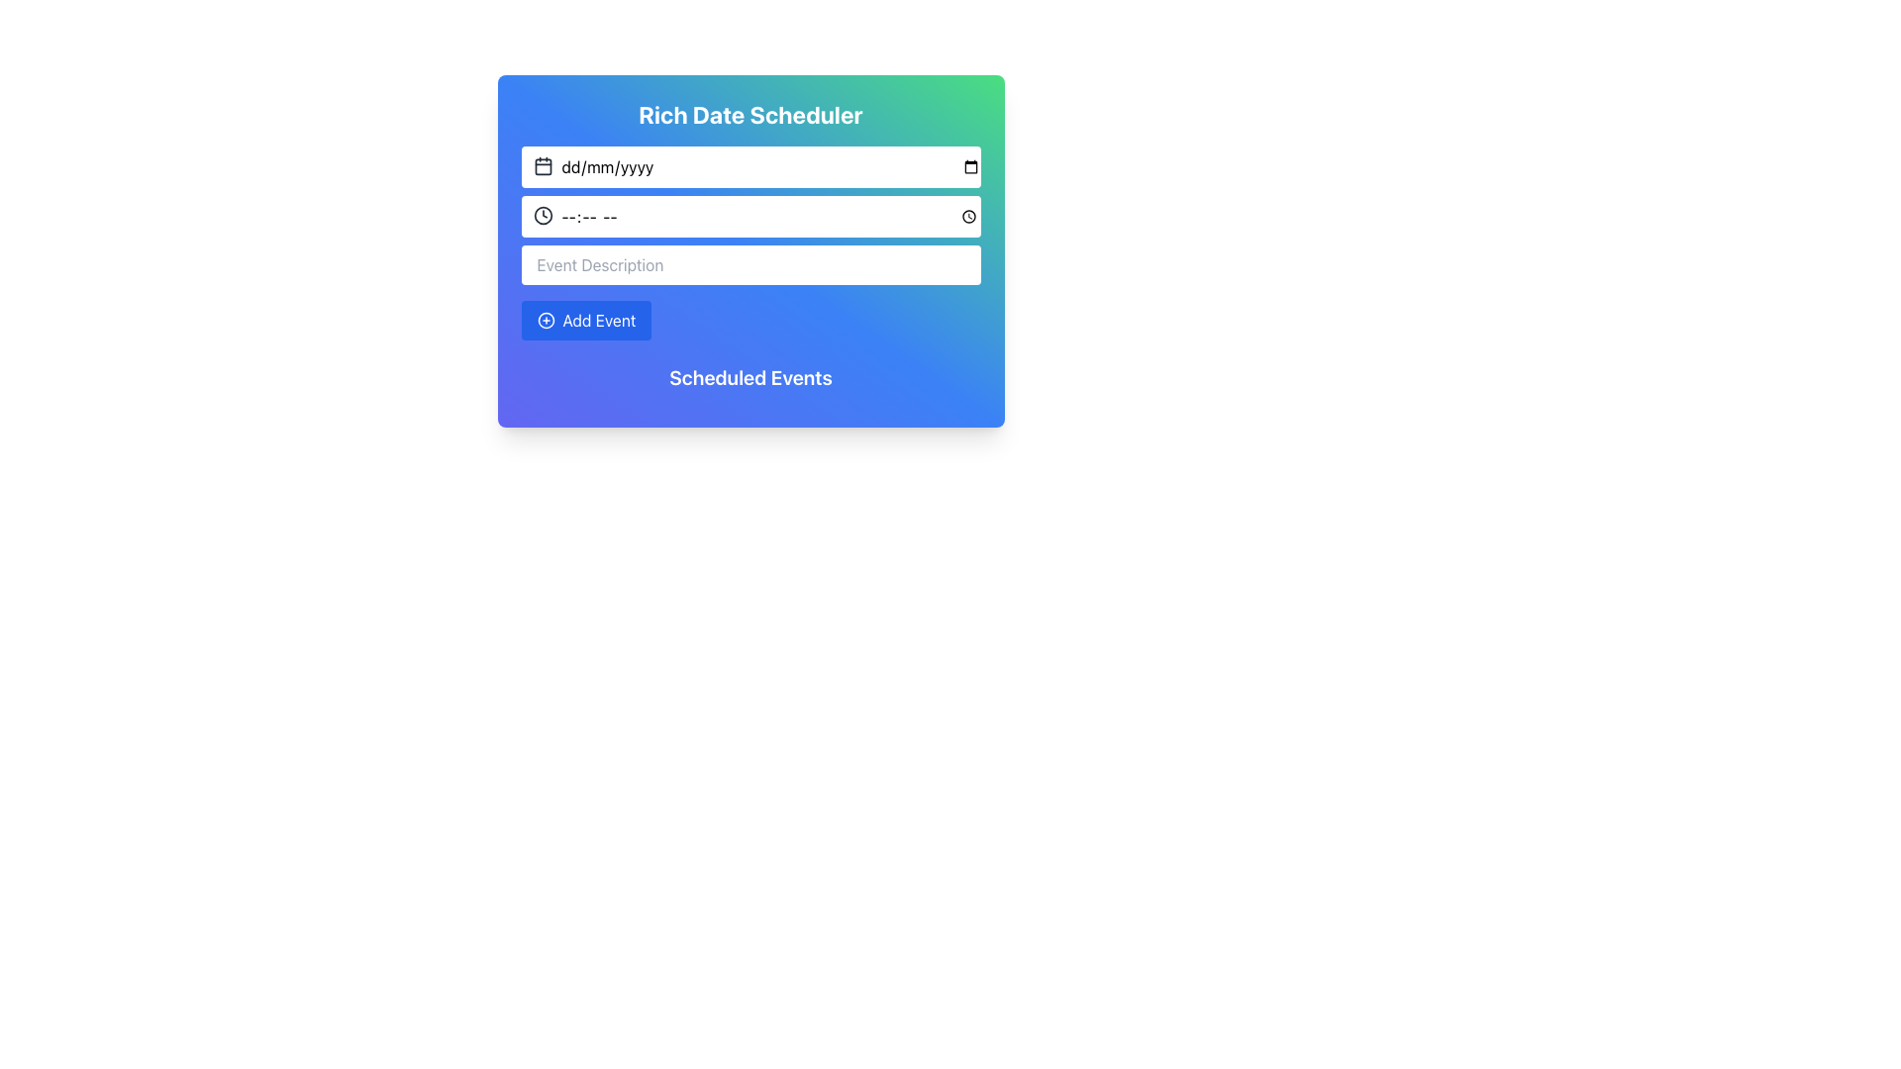 The height and width of the screenshot is (1069, 1901). I want to click on the 'Add Event' icon located to the left of the 'Add Event' label, so click(546, 320).